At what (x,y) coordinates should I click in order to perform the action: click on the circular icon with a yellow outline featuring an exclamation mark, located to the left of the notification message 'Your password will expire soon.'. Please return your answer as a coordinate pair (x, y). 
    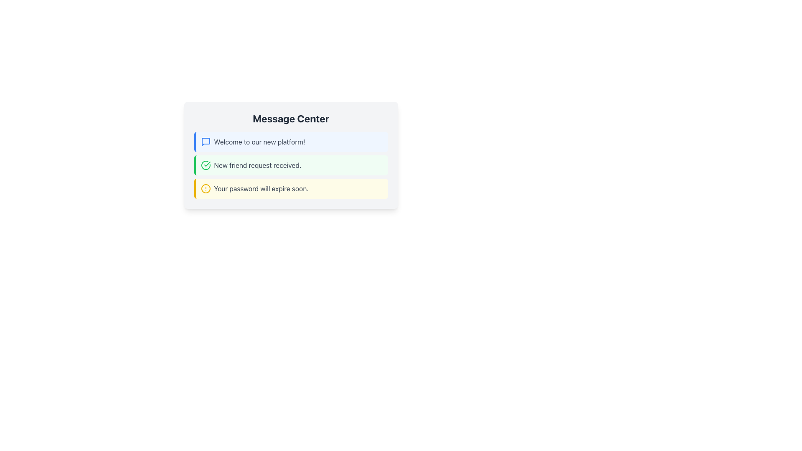
    Looking at the image, I should click on (206, 188).